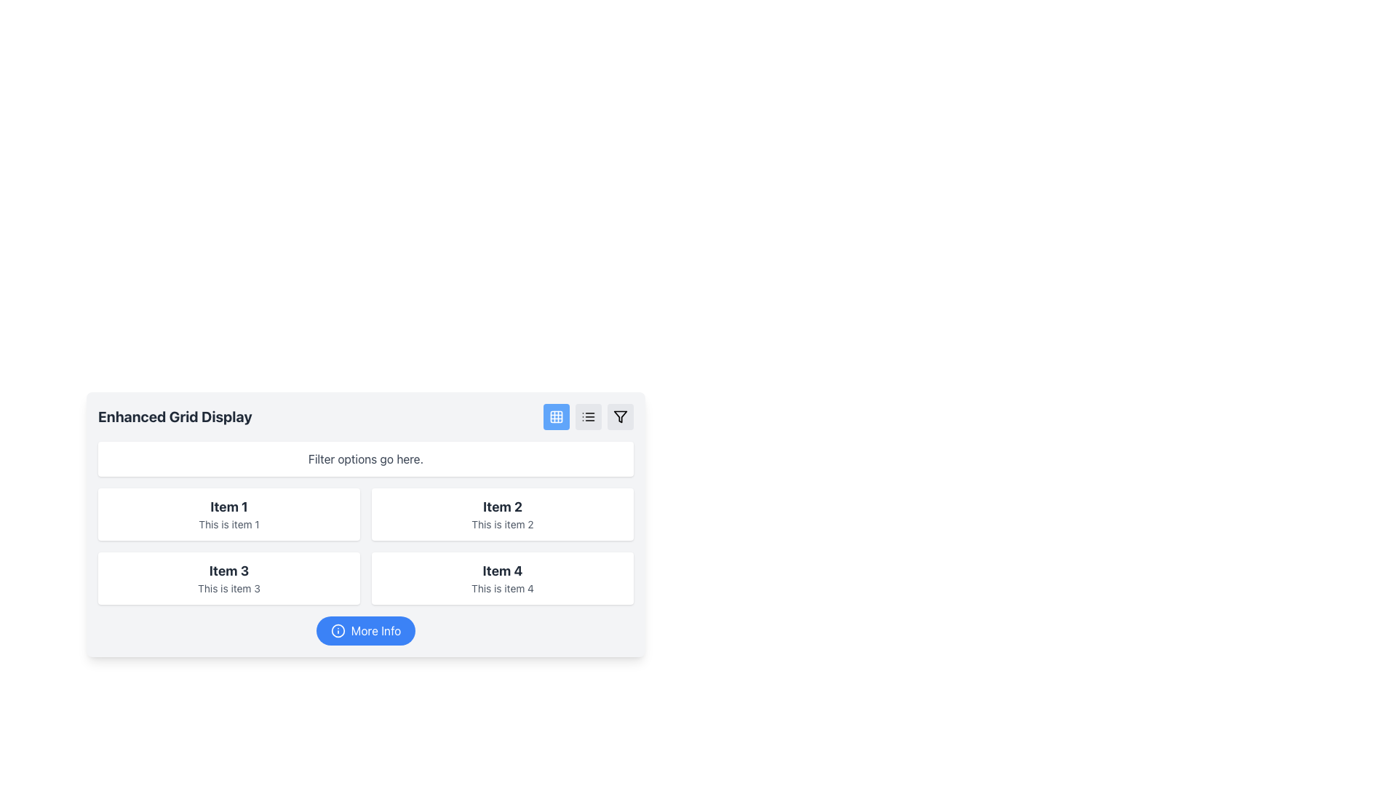  What do you see at coordinates (589, 417) in the screenshot?
I see `the button with a list symbol icon, which is styled with a gray background and circular border, located in the top-right corner of the widget area` at bounding box center [589, 417].